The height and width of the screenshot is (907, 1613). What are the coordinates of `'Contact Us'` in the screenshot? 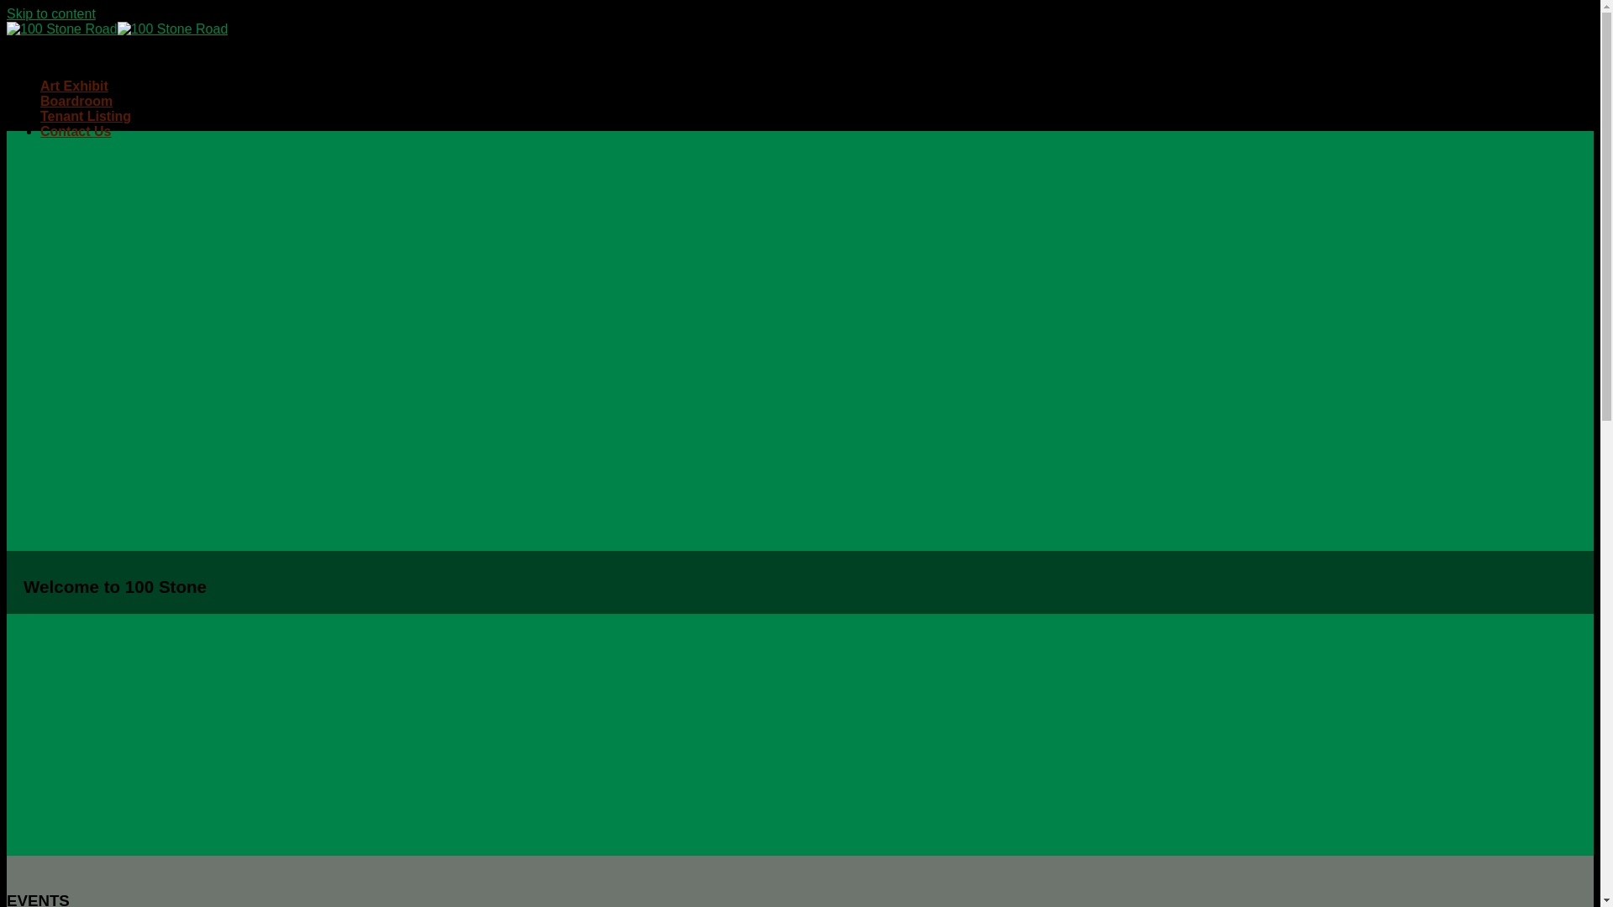 It's located at (75, 130).